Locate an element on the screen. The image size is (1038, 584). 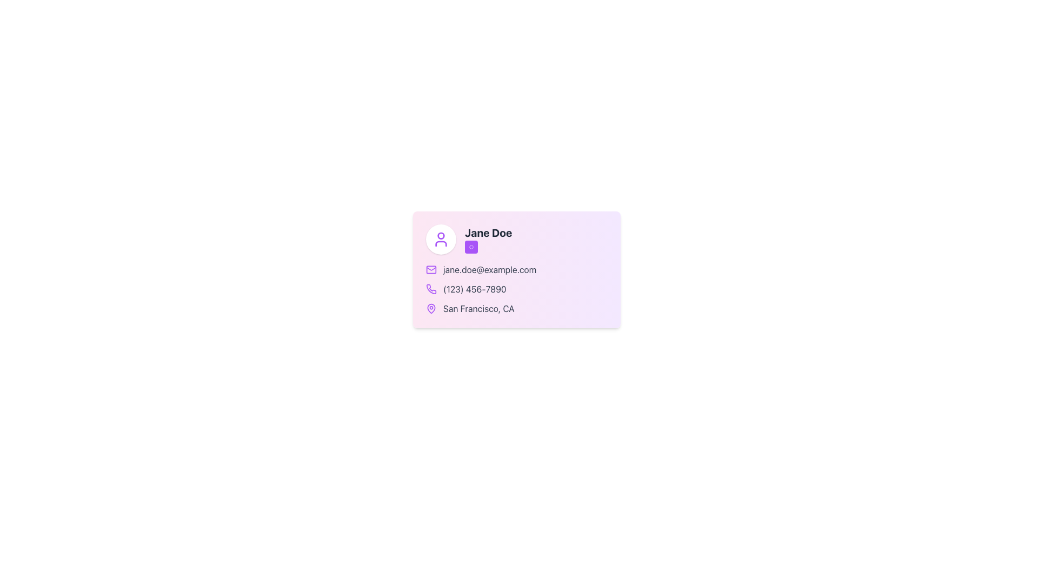
the envelope icon representing the email address 'jane.doe@example.com', which is styled in purple with a minimalistic design and positioned to the left of the email text is located at coordinates (430, 269).